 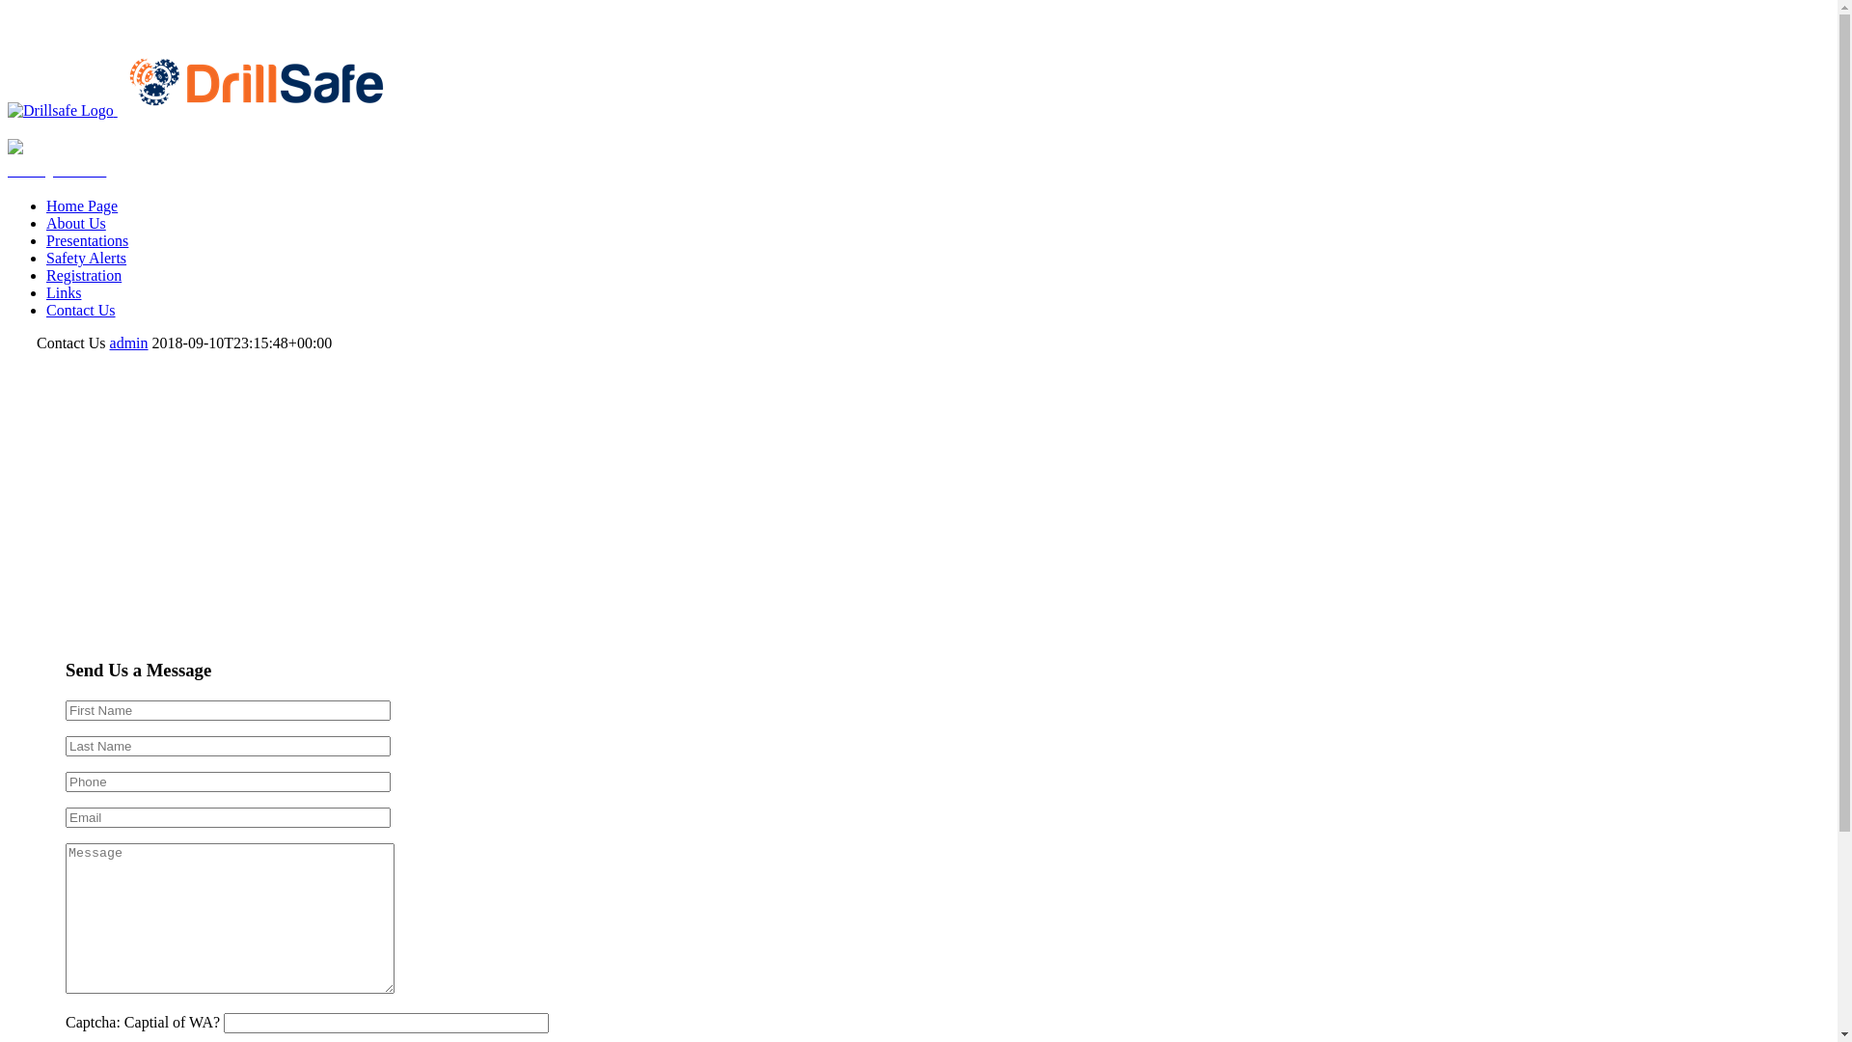 I want to click on 'Safety Alerts', so click(x=85, y=257).